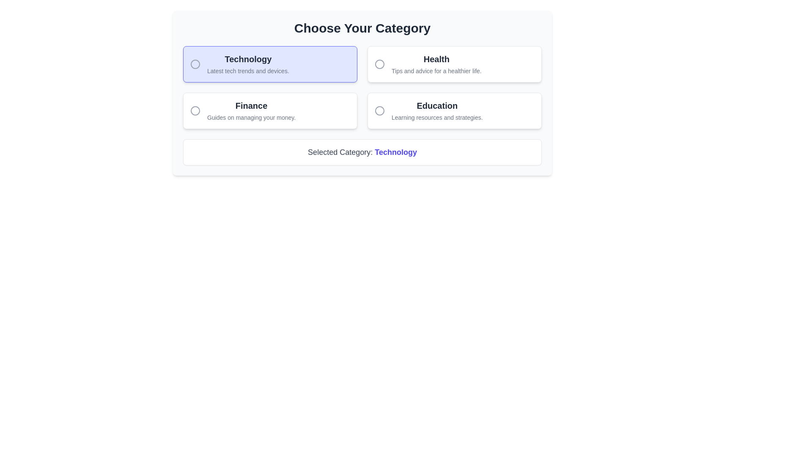 The height and width of the screenshot is (457, 812). What do you see at coordinates (195, 110) in the screenshot?
I see `the decorative SVG circle icon associated with the 'Finance' category option, located in the second option box` at bounding box center [195, 110].